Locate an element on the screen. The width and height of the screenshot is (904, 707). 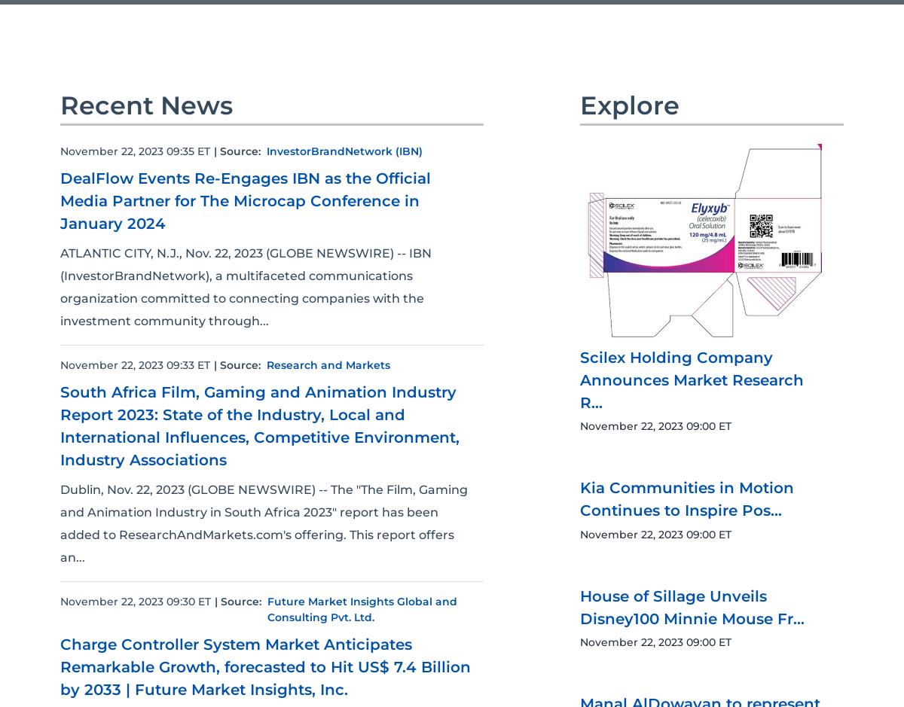
'South Africa Film, Gaming and Animation Industry Report 2023: State of the Industry, Local and International Influences, Competitive Environment, Industry Associations' is located at coordinates (260, 424).